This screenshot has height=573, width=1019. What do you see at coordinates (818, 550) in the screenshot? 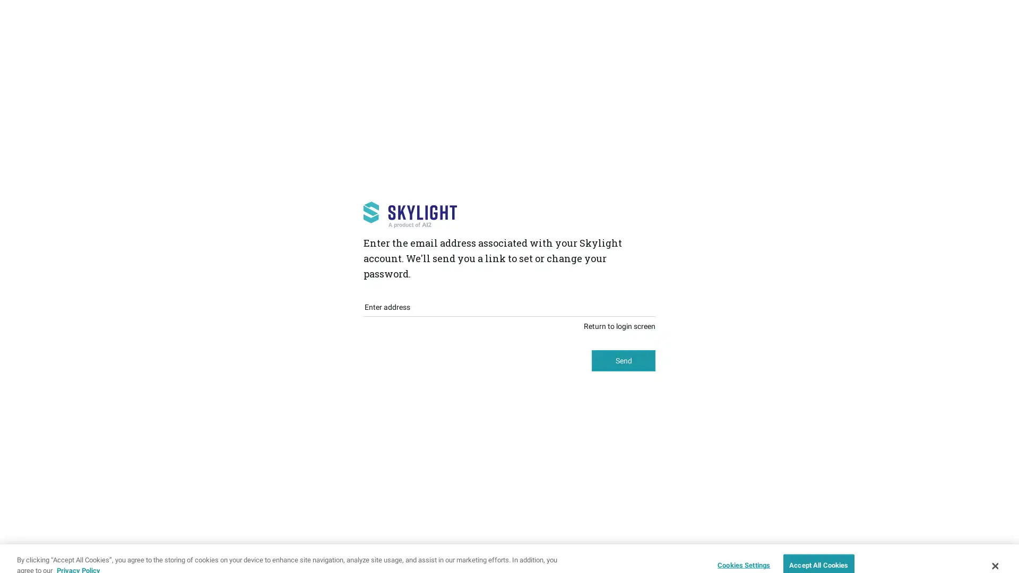
I see `Accept All Cookies` at bounding box center [818, 550].